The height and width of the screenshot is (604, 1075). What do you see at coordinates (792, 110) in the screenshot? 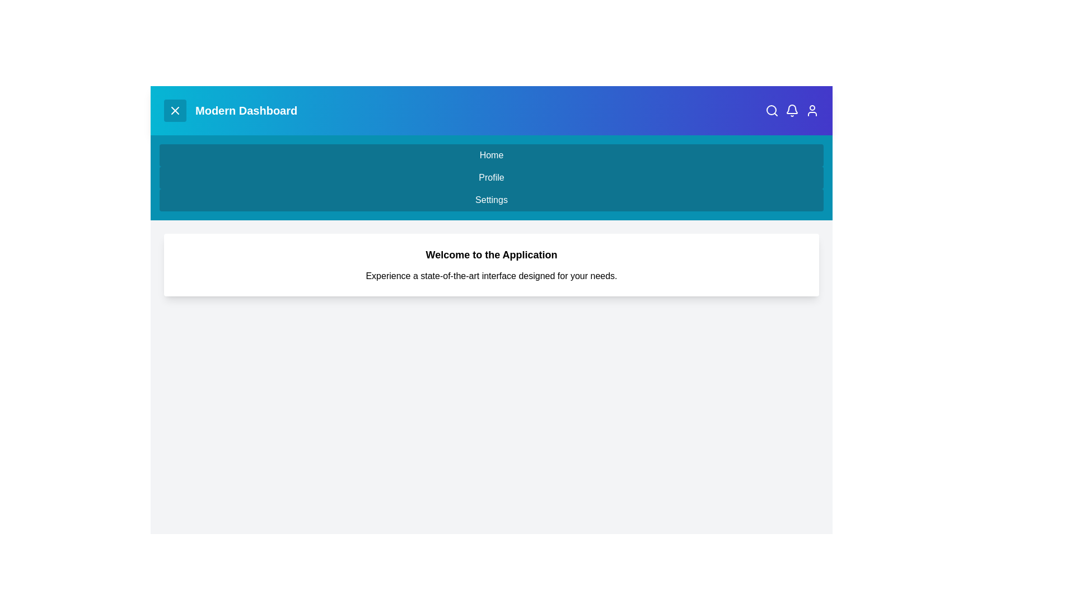
I see `the 'Notifications' icon in the app bar` at bounding box center [792, 110].